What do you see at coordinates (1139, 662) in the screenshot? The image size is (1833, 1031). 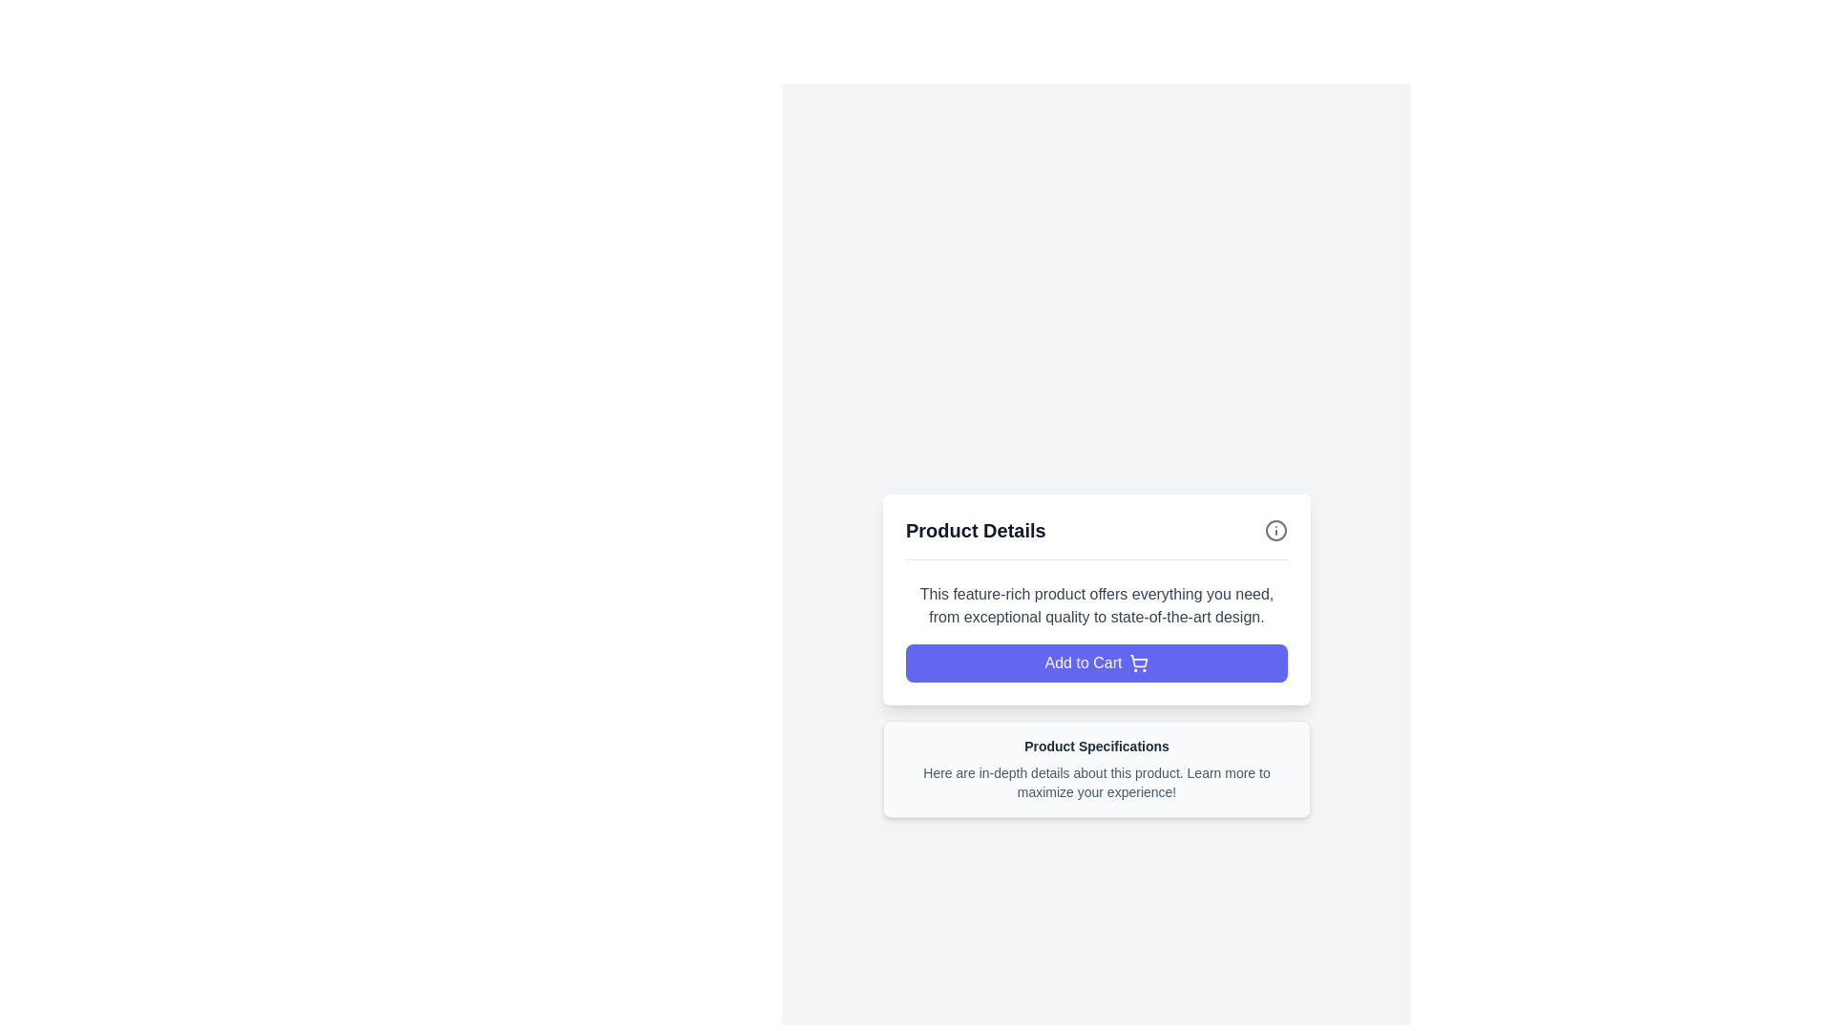 I see `the 'Add to Cart' icon located to the right of the 'Add to Cart' text` at bounding box center [1139, 662].